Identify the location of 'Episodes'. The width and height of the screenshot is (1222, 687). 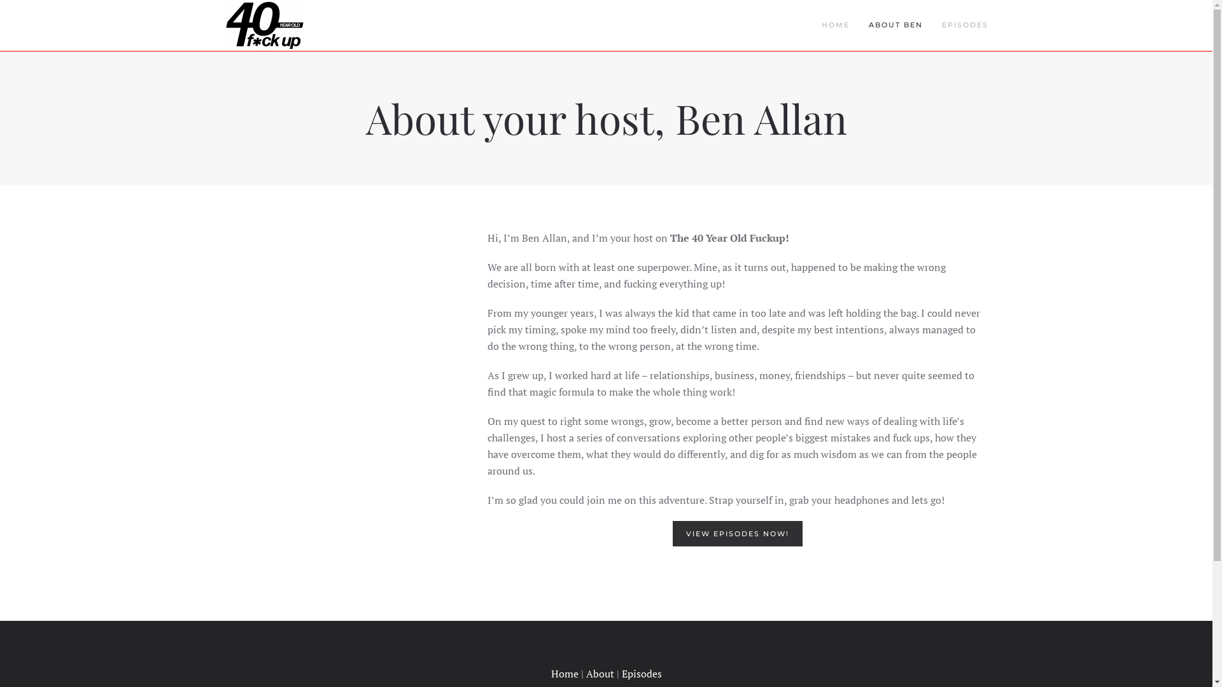
(621, 673).